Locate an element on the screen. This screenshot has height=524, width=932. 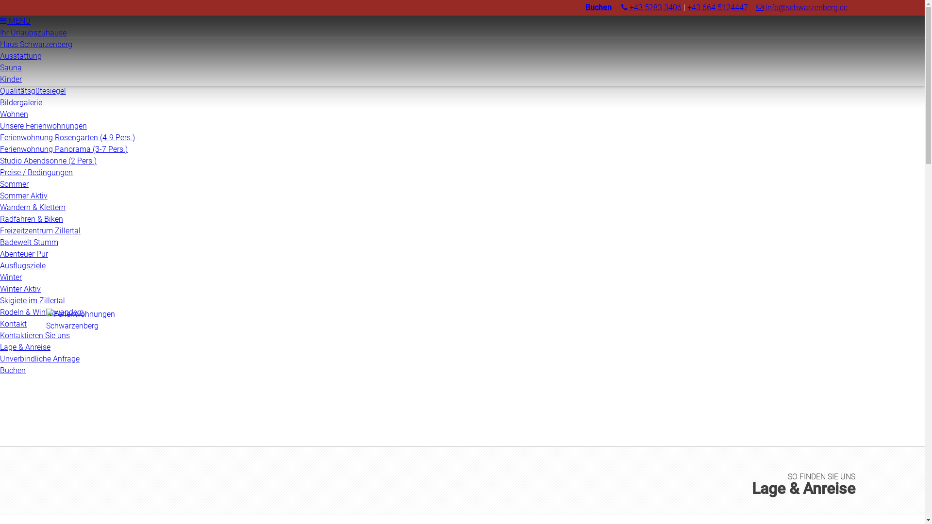
'Kinder' is located at coordinates (11, 79).